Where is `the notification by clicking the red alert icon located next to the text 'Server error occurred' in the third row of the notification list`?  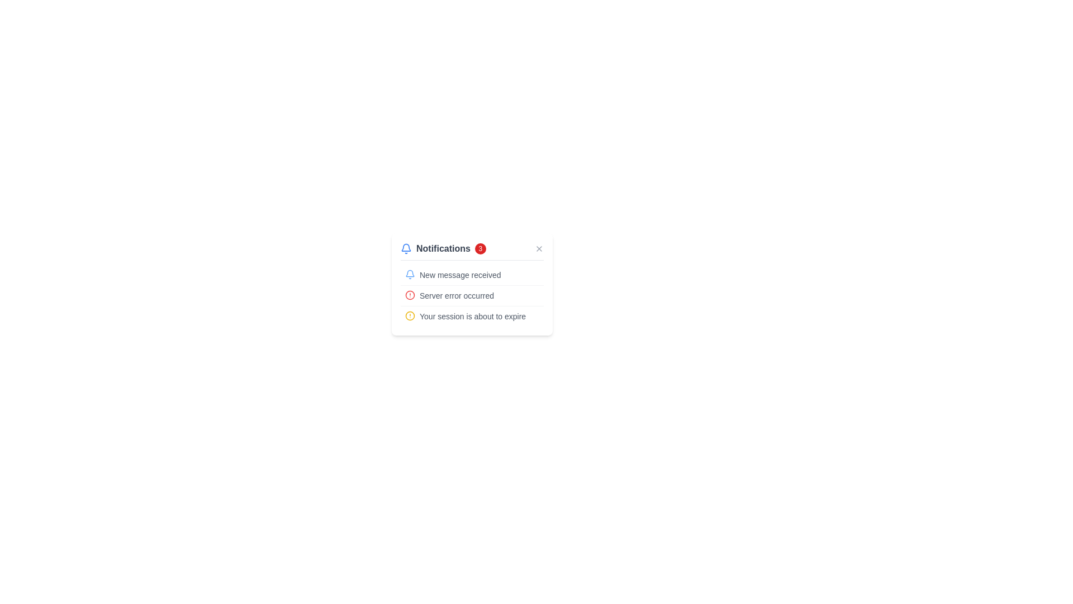 the notification by clicking the red alert icon located next to the text 'Server error occurred' in the third row of the notification list is located at coordinates (410, 295).